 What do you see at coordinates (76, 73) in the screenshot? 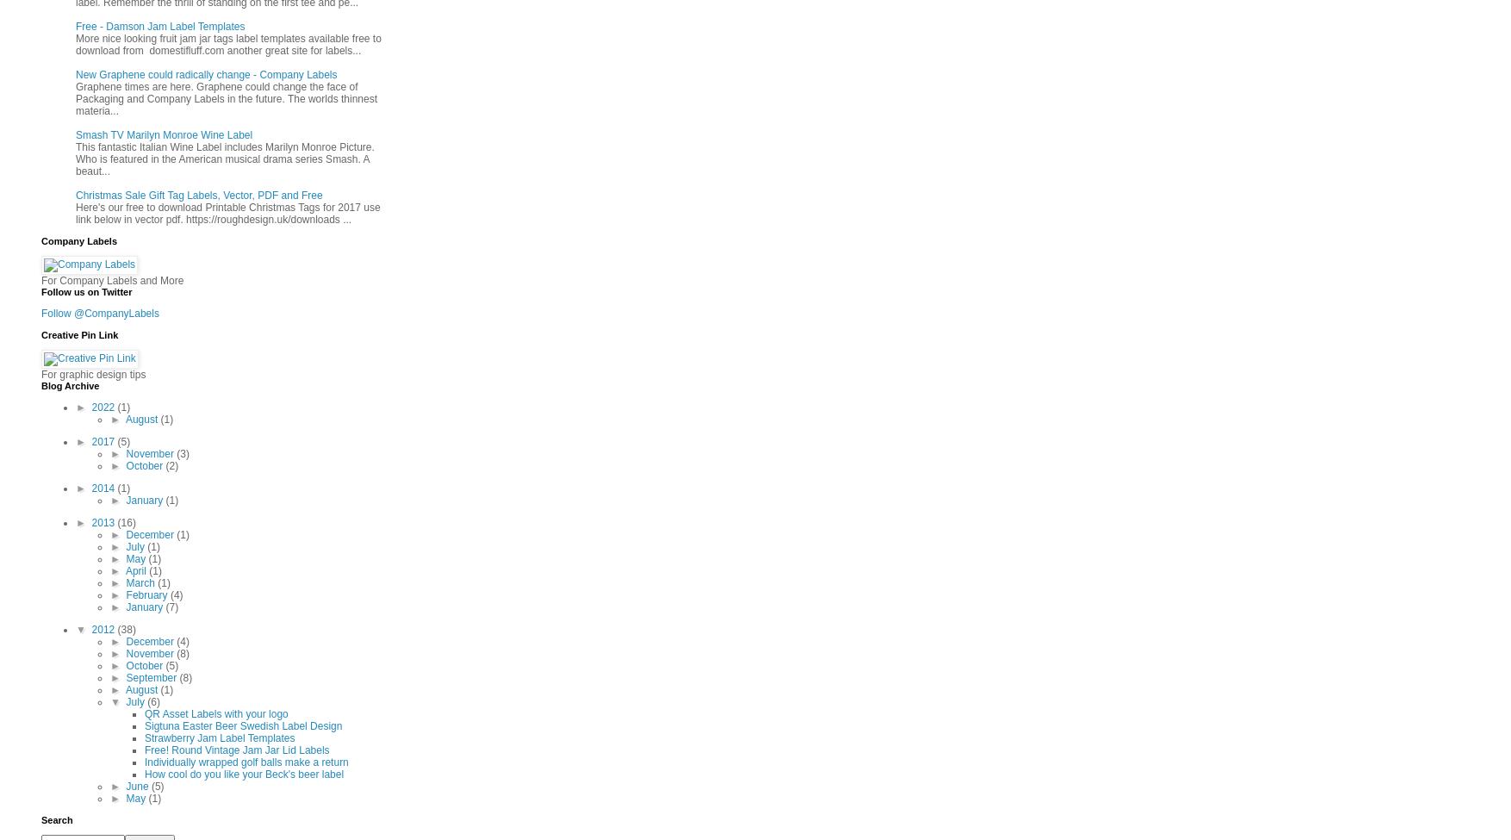
I see `'New Graphene could radically change  - Company Labels'` at bounding box center [76, 73].